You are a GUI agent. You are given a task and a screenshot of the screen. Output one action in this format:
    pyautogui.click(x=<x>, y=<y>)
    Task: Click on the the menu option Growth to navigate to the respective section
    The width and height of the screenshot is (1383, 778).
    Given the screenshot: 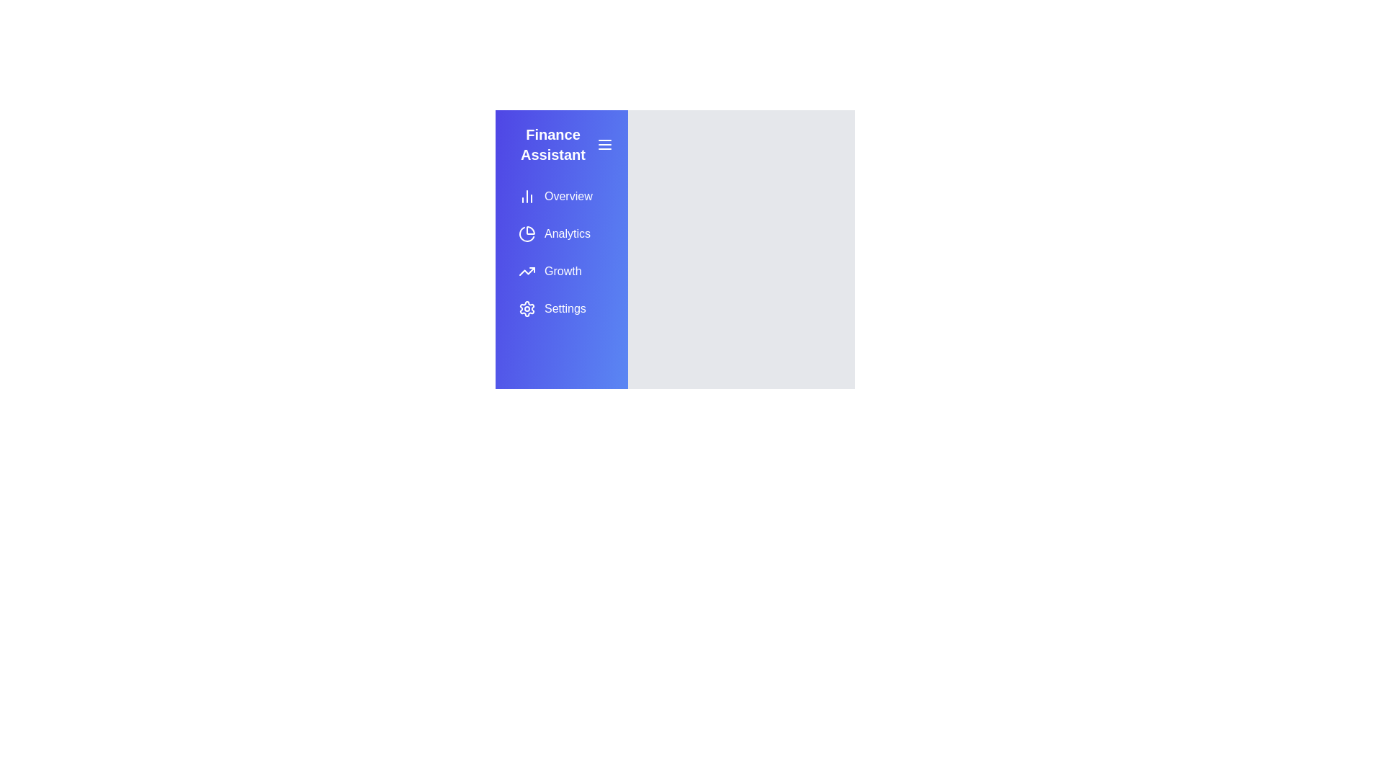 What is the action you would take?
    pyautogui.click(x=560, y=272)
    